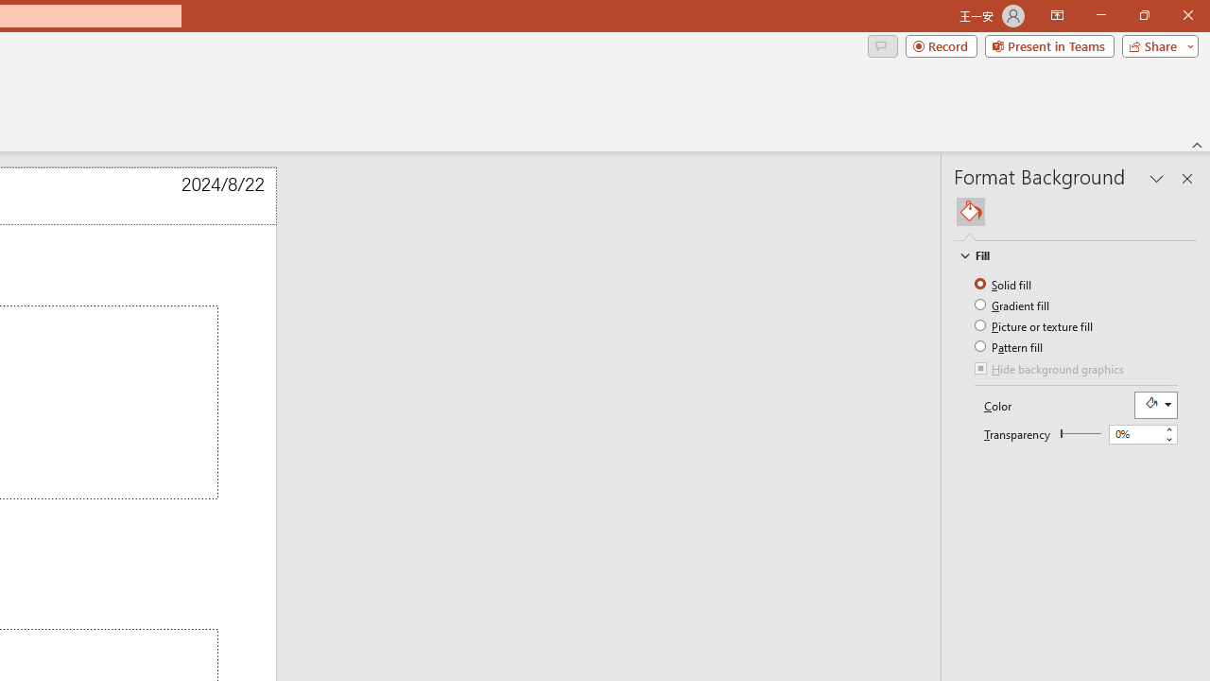 This screenshot has width=1210, height=681. What do you see at coordinates (1134, 433) in the screenshot?
I see `'Transparency'` at bounding box center [1134, 433].